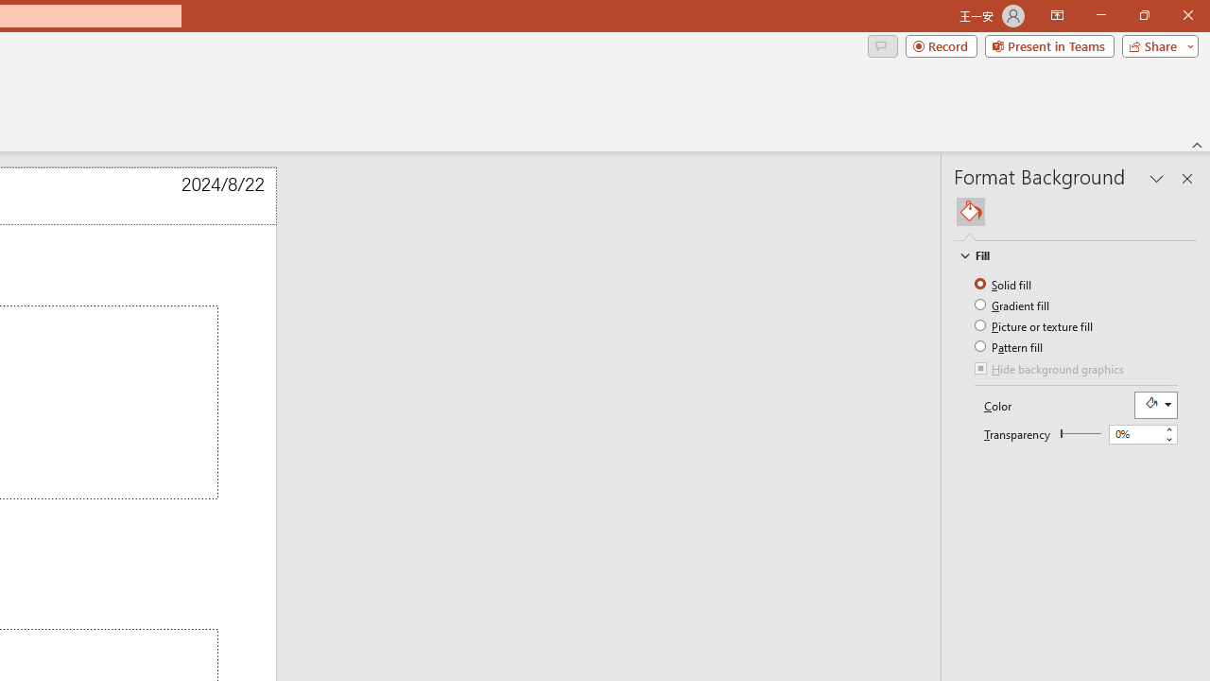 This screenshot has width=1210, height=681. What do you see at coordinates (1134, 433) in the screenshot?
I see `'Transparency'` at bounding box center [1134, 433].